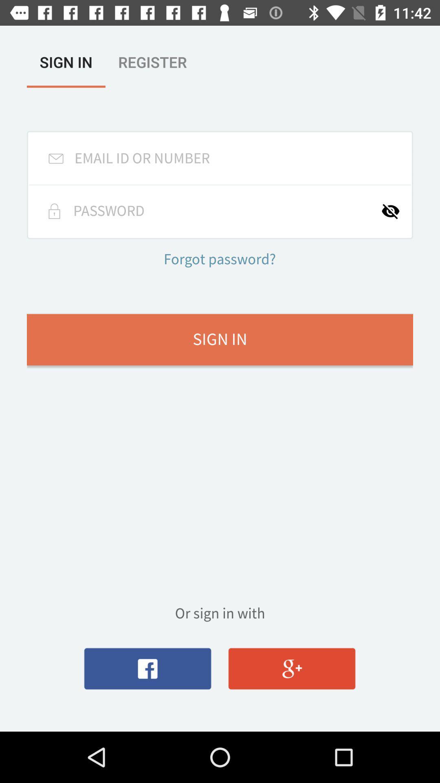 Image resolution: width=440 pixels, height=783 pixels. Describe the element at coordinates (219, 260) in the screenshot. I see `icon above sign in item` at that location.